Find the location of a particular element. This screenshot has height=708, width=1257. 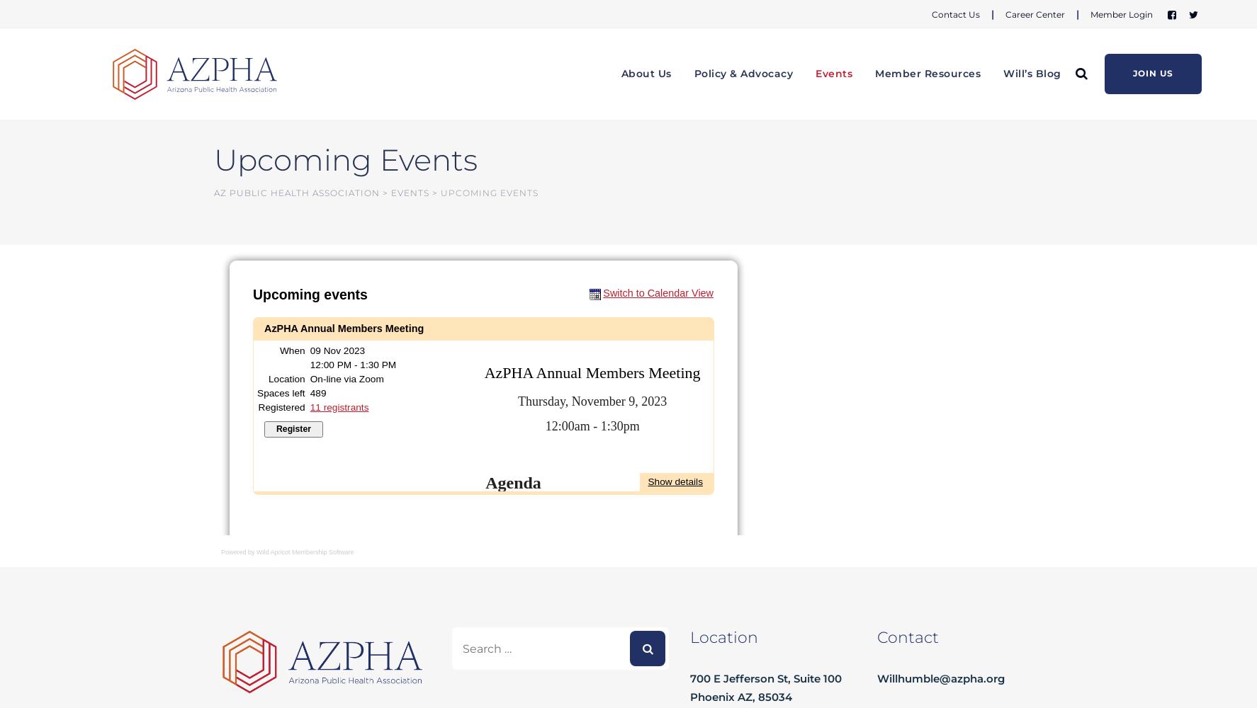

'Conferences' is located at coordinates (852, 172).